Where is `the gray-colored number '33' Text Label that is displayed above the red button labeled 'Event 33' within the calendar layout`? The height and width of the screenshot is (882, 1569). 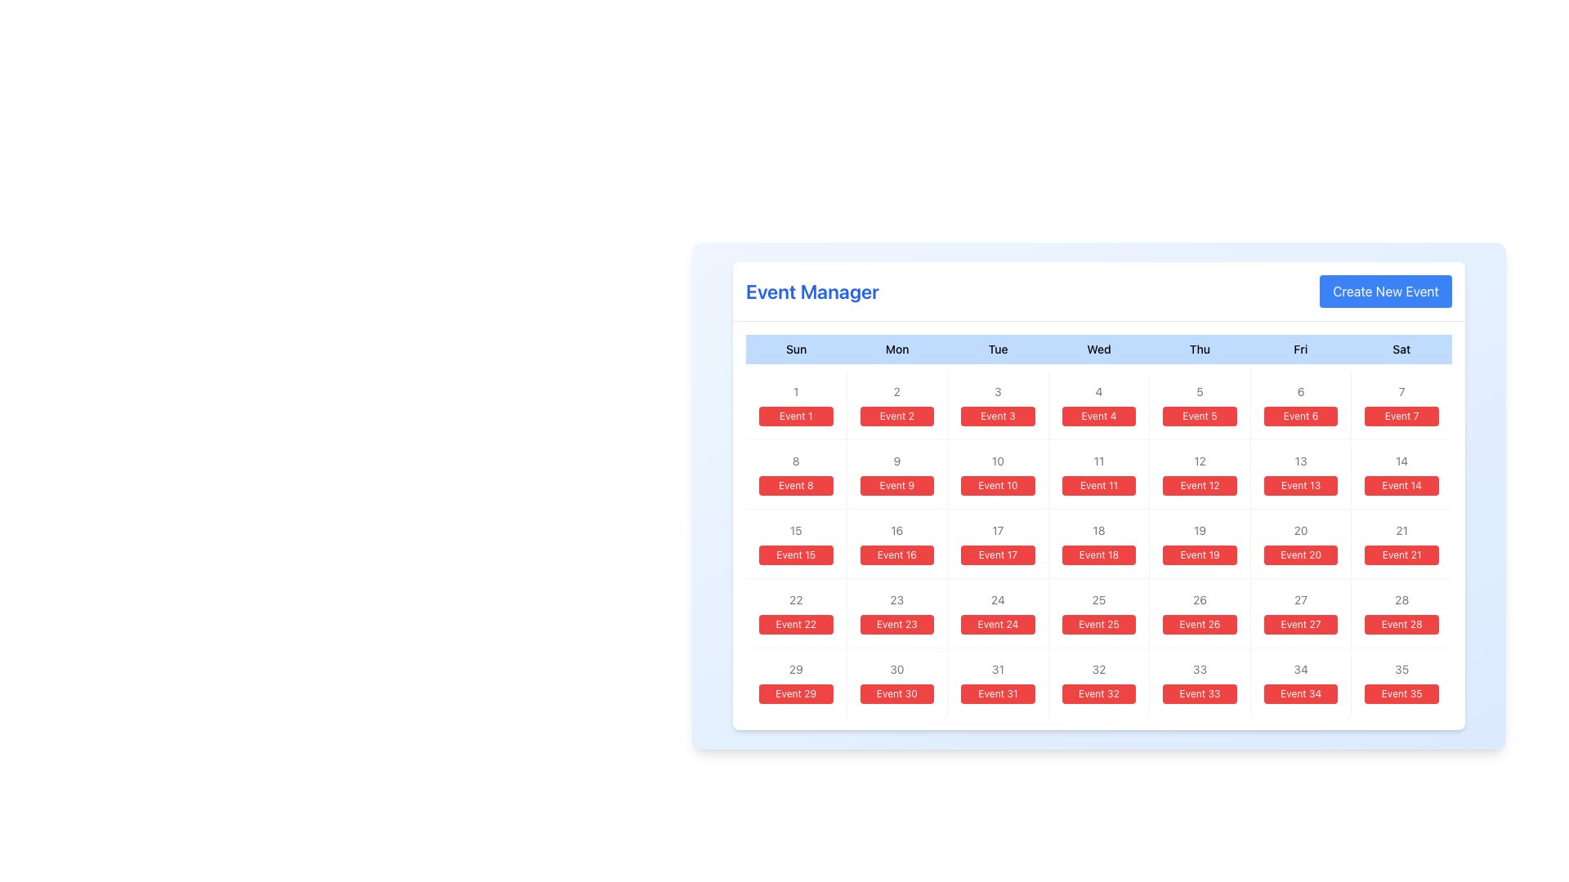 the gray-colored number '33' Text Label that is displayed above the red button labeled 'Event 33' within the calendar layout is located at coordinates (1200, 670).